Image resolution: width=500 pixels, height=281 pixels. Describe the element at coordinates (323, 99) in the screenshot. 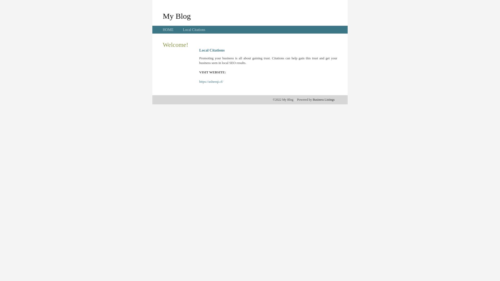

I see `'Business Listings'` at that location.